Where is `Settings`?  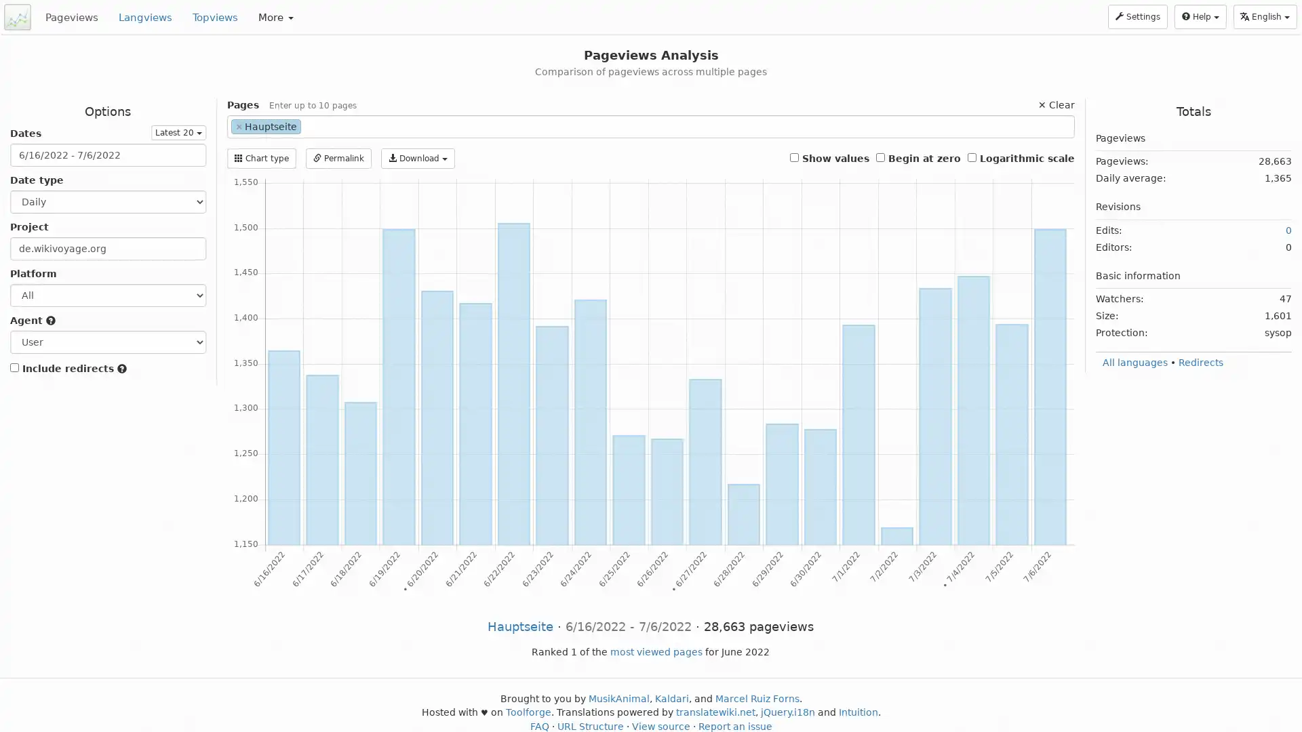 Settings is located at coordinates (1138, 16).